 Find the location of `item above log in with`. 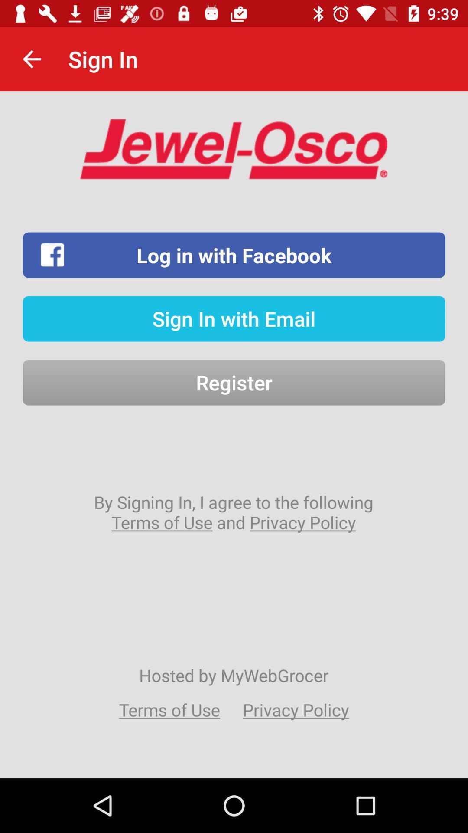

item above log in with is located at coordinates (31, 59).